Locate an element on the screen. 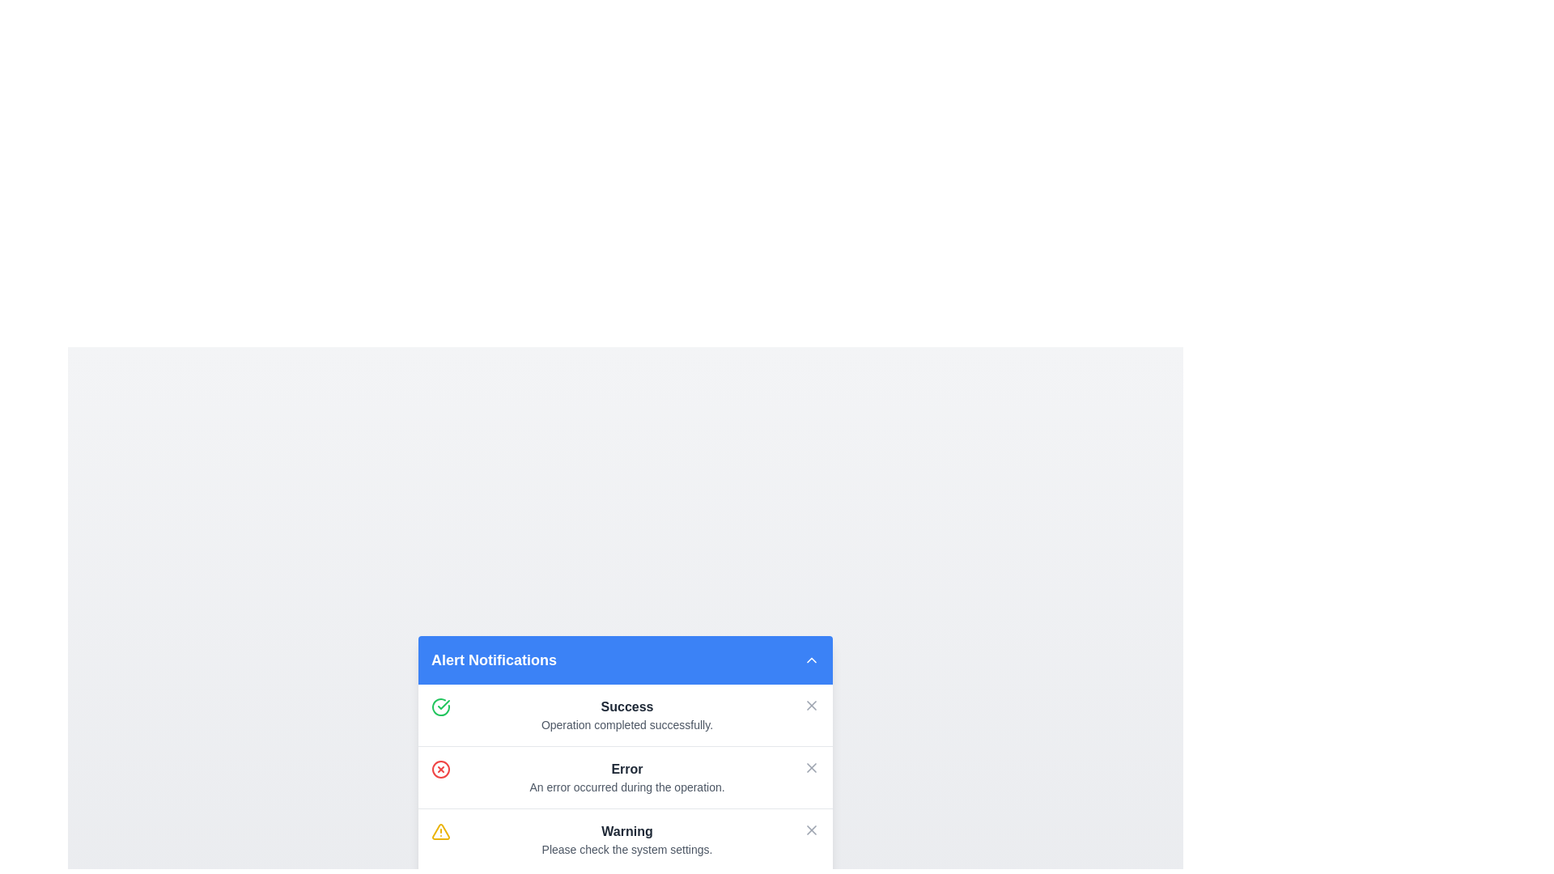  the Close button icon located to the far right of the 'Success' notification entry is located at coordinates (812, 704).